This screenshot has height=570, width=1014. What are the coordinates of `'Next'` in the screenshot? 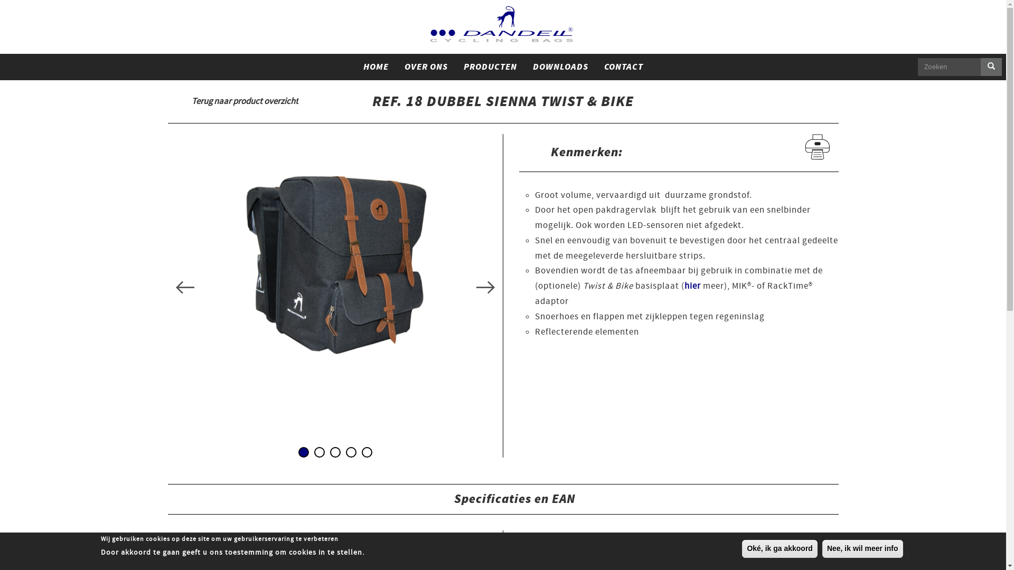 It's located at (476, 288).